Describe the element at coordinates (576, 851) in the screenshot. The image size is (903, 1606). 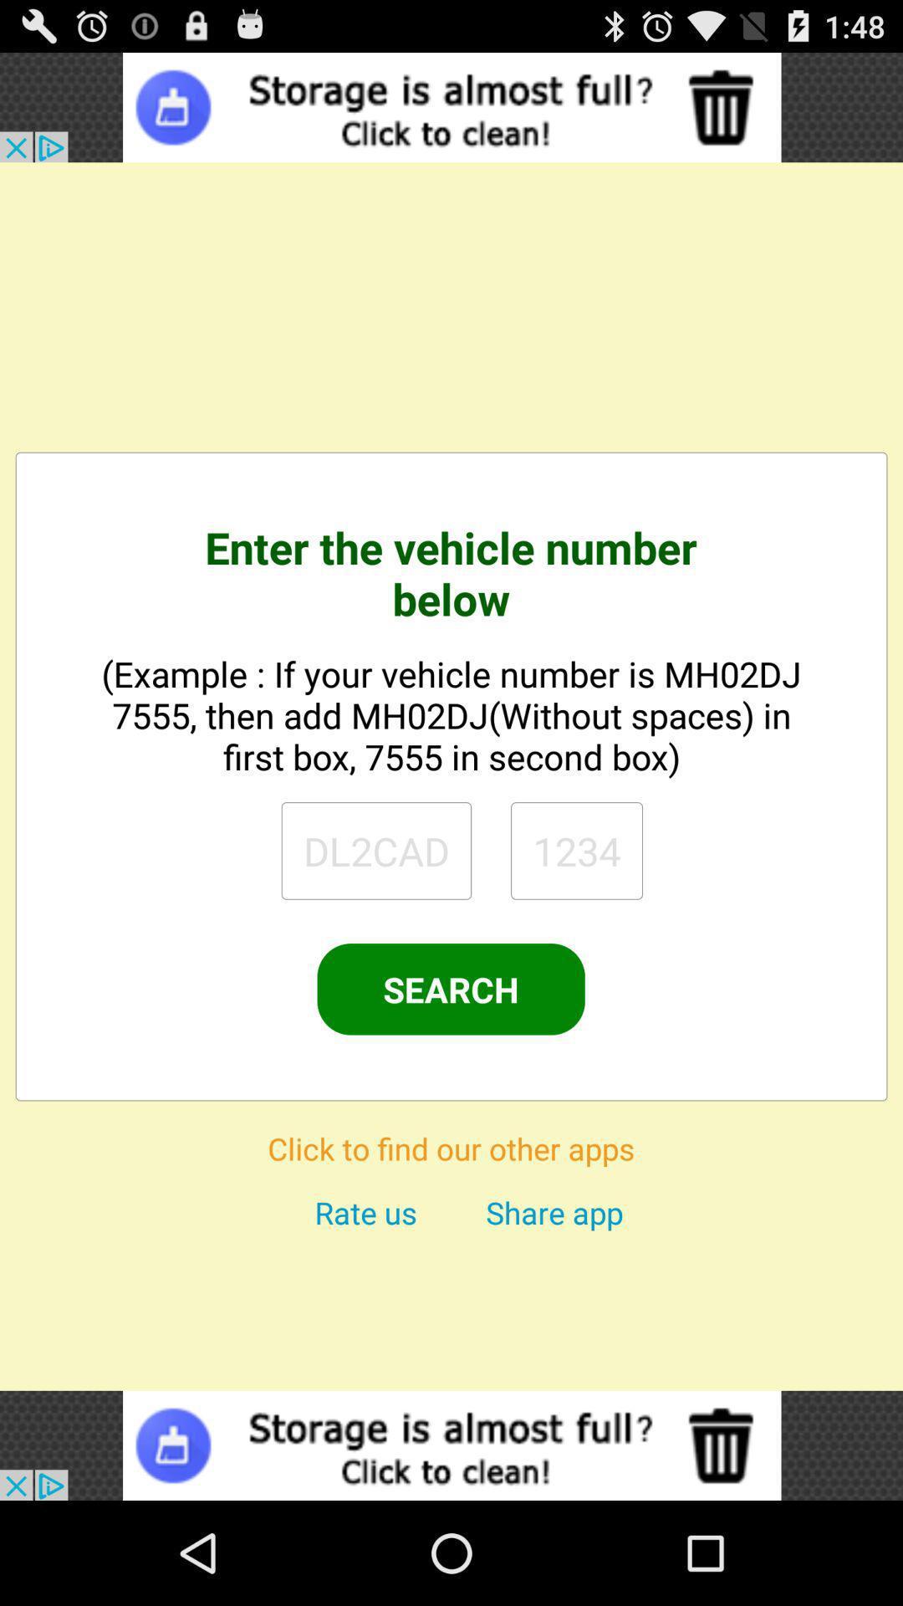
I see `write vehicle number` at that location.